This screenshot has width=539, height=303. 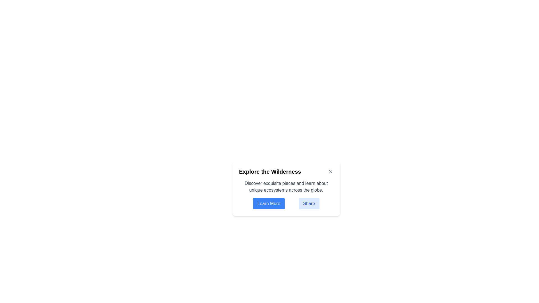 I want to click on the text element that reads 'Discover exquisite places and learn about unique ecosystems across the globe.' positioned below the header 'Explore the Wilderness.', so click(x=286, y=187).